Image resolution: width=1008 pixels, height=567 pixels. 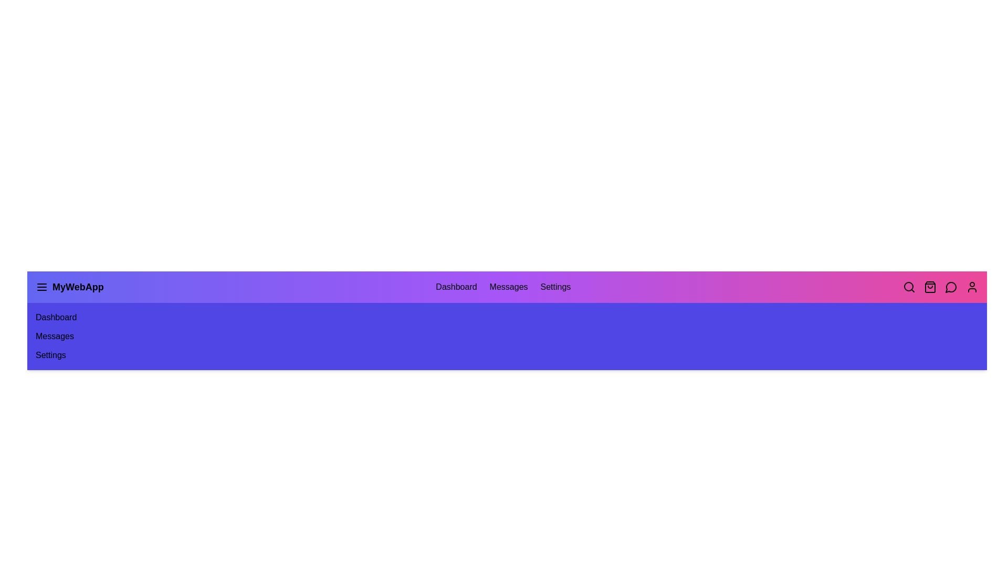 I want to click on the message_circle icon in the EnhancedAppBar, so click(x=951, y=287).